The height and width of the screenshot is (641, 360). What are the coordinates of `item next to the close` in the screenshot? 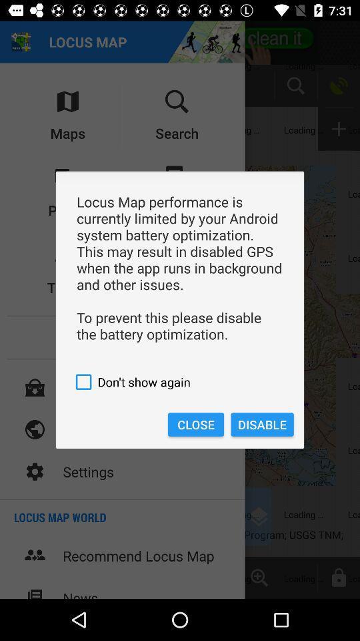 It's located at (262, 424).